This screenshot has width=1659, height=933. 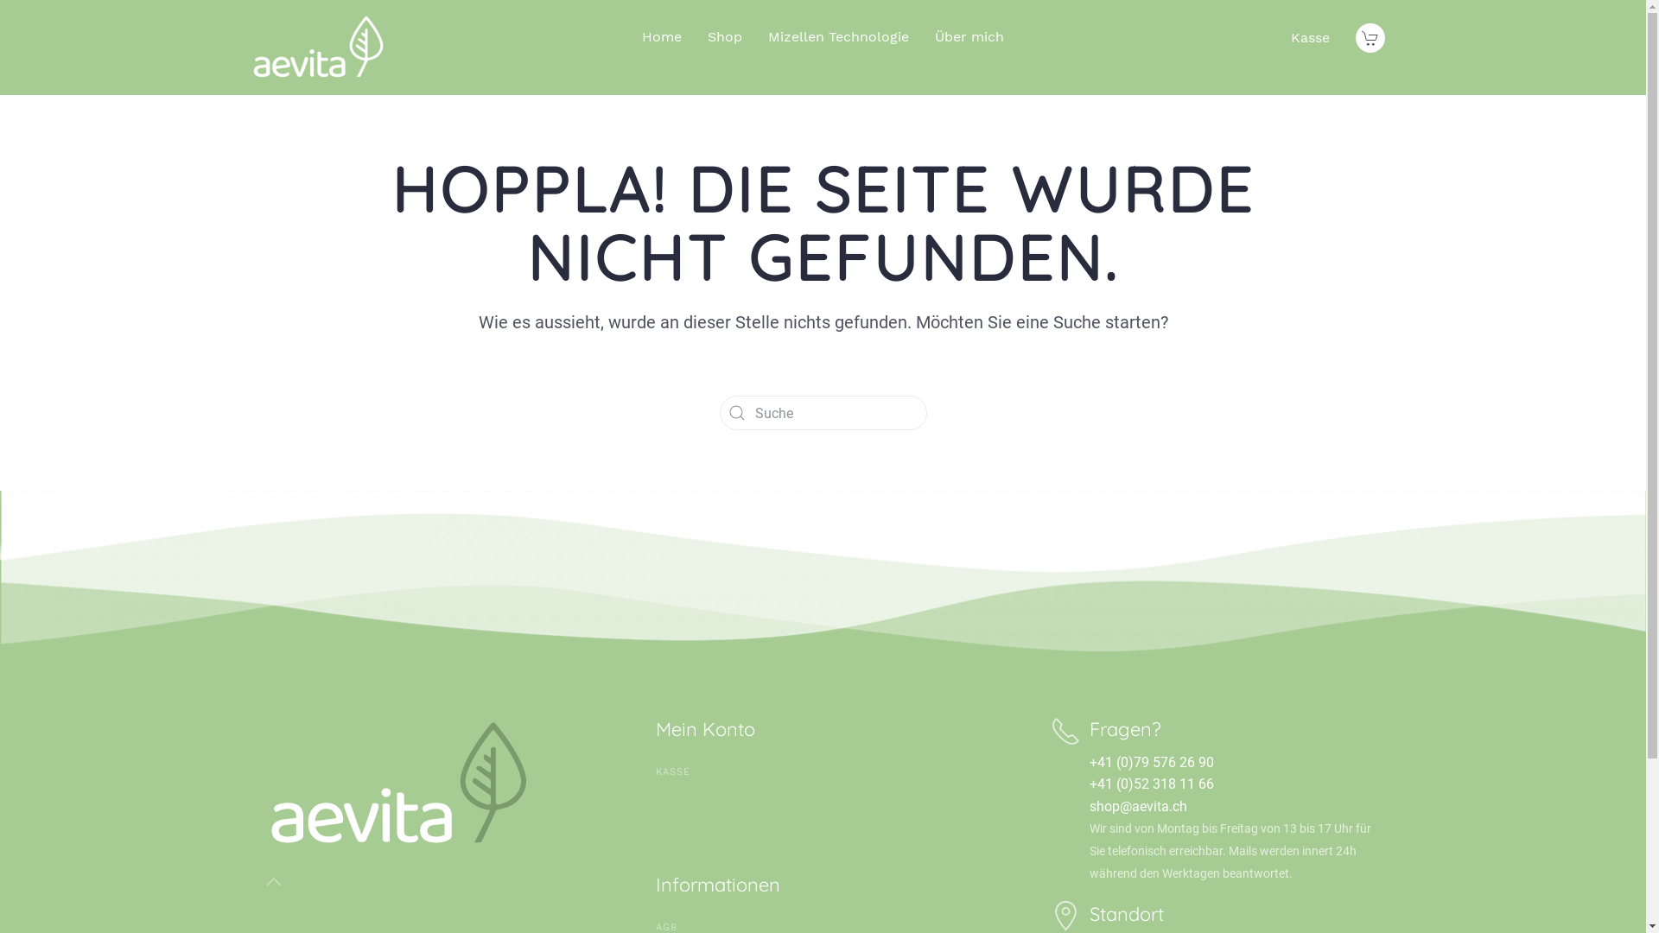 I want to click on 'Kasse', so click(x=1309, y=37).